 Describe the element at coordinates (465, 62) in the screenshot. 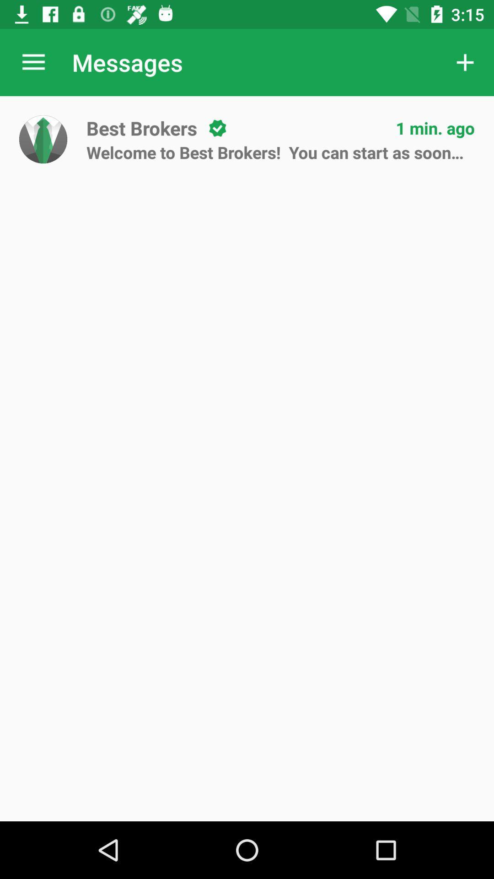

I see `the app to the right of messages item` at that location.